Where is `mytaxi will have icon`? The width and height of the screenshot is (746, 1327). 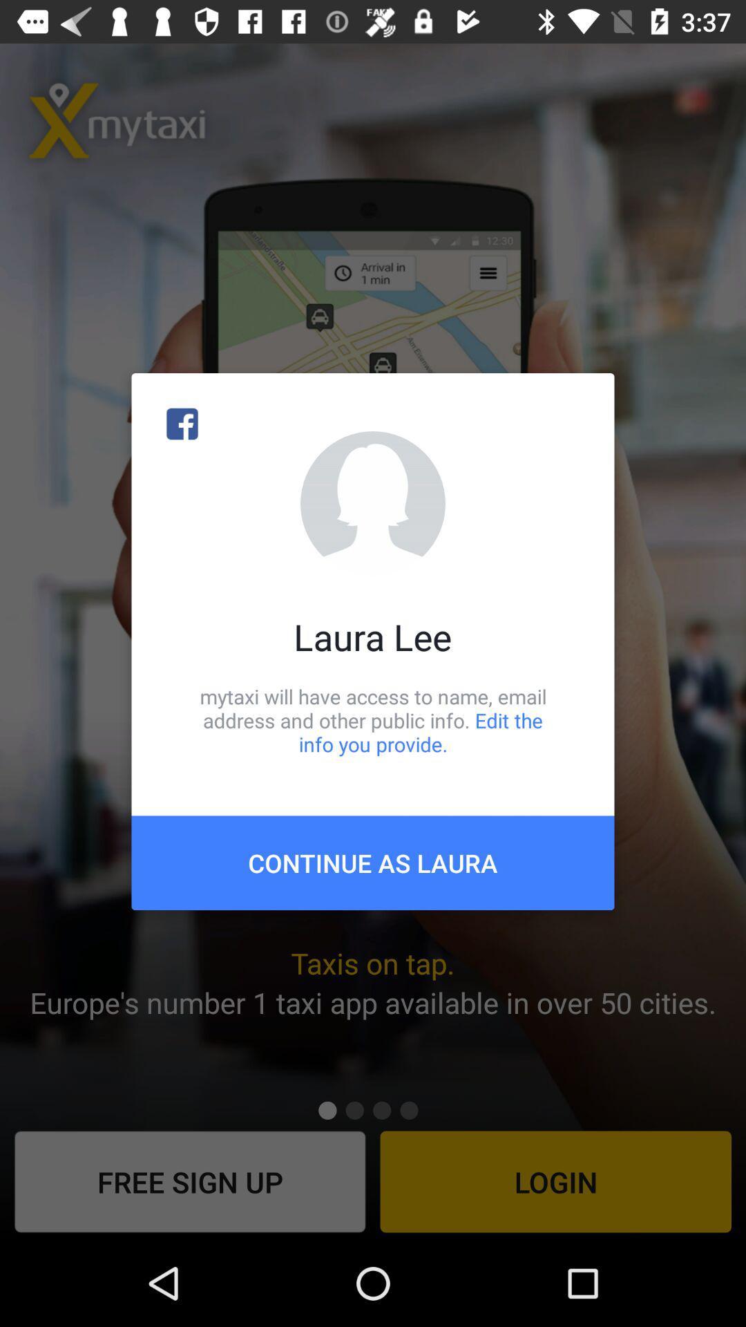 mytaxi will have icon is located at coordinates (373, 719).